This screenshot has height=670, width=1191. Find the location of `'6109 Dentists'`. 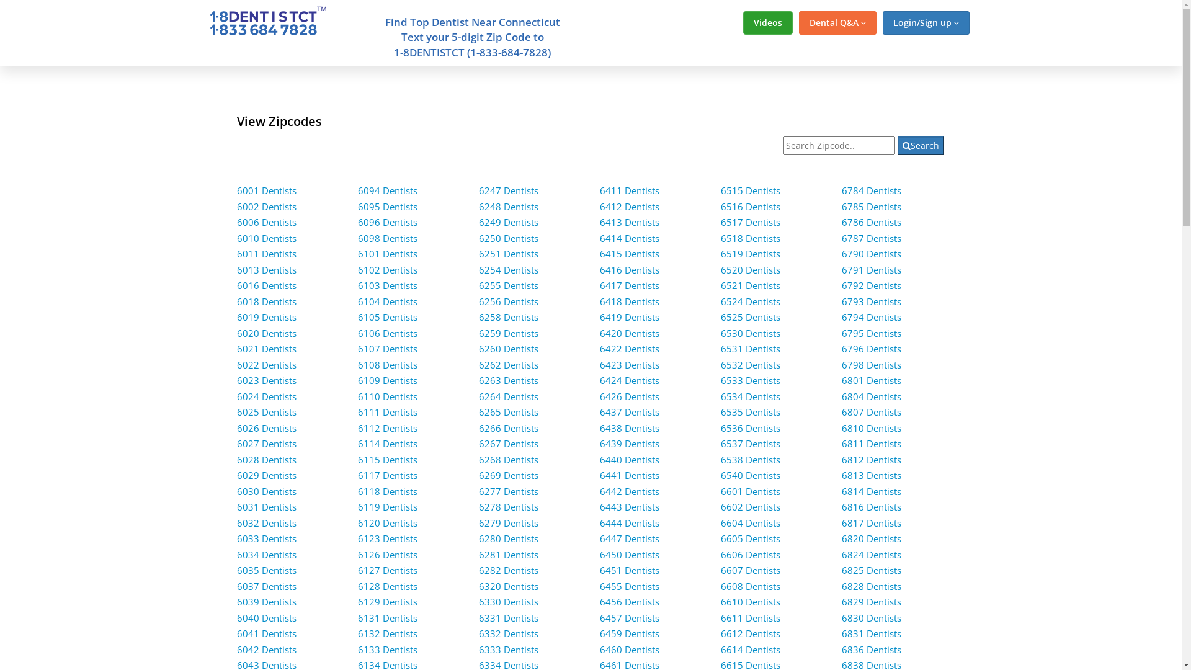

'6109 Dentists' is located at coordinates (386, 380).